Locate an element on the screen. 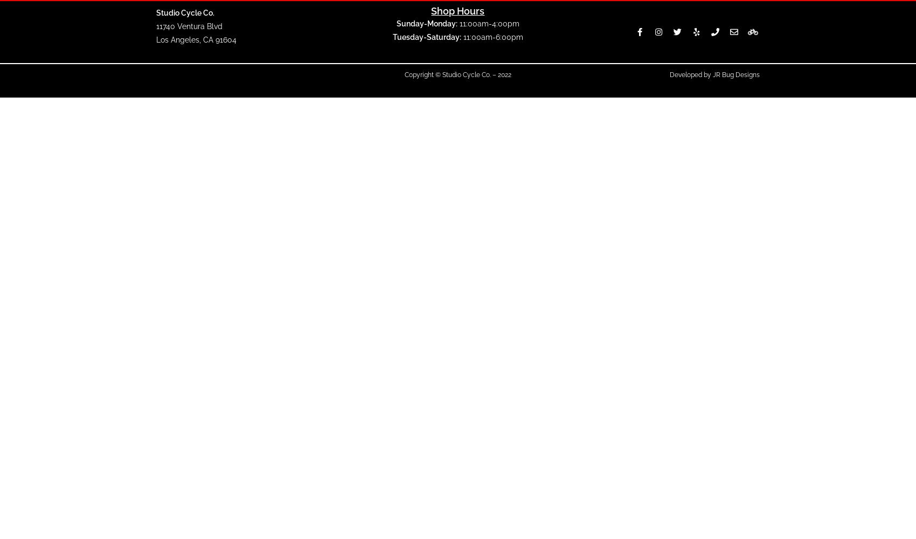 The image size is (916, 539). 'Tuesday-Saturday:' is located at coordinates (426, 36).